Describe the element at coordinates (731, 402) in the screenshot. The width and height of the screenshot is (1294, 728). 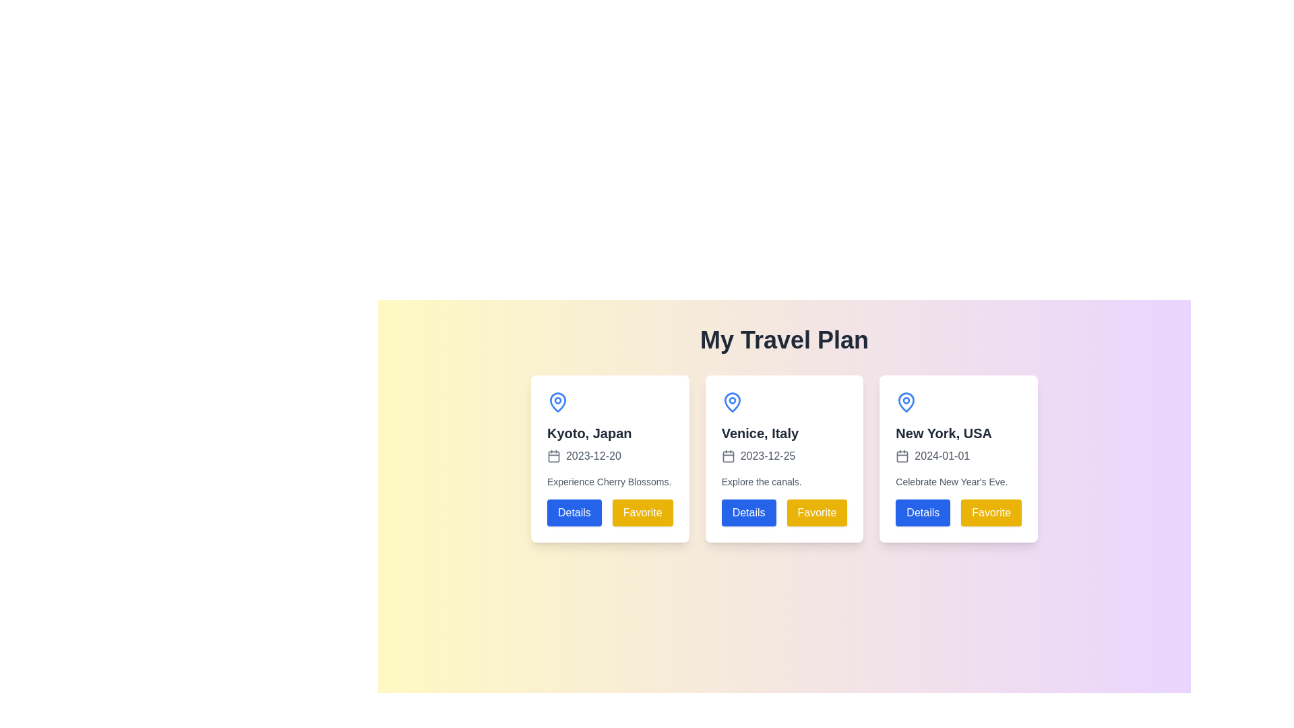
I see `the decorative icon located at the top of the second card under the heading 'My Travel Plan.'` at that location.